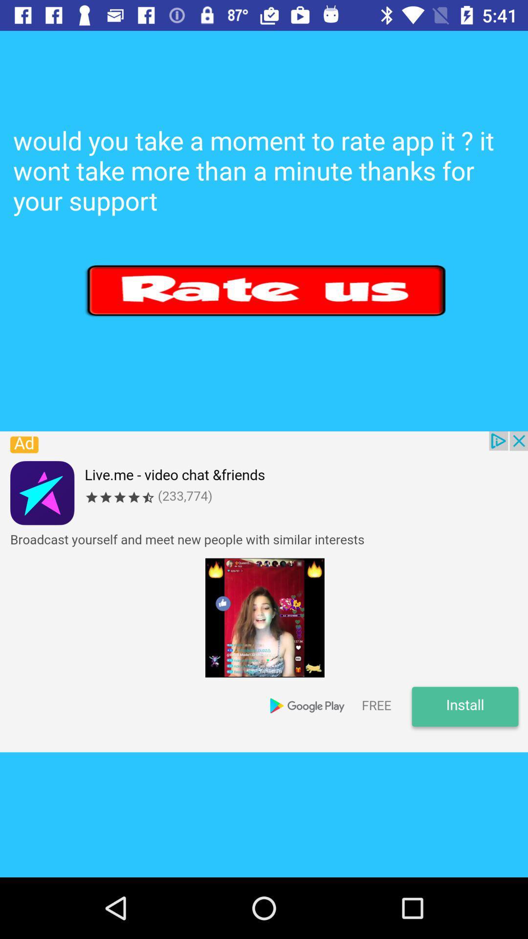  Describe the element at coordinates (267, 290) in the screenshot. I see `app` at that location.